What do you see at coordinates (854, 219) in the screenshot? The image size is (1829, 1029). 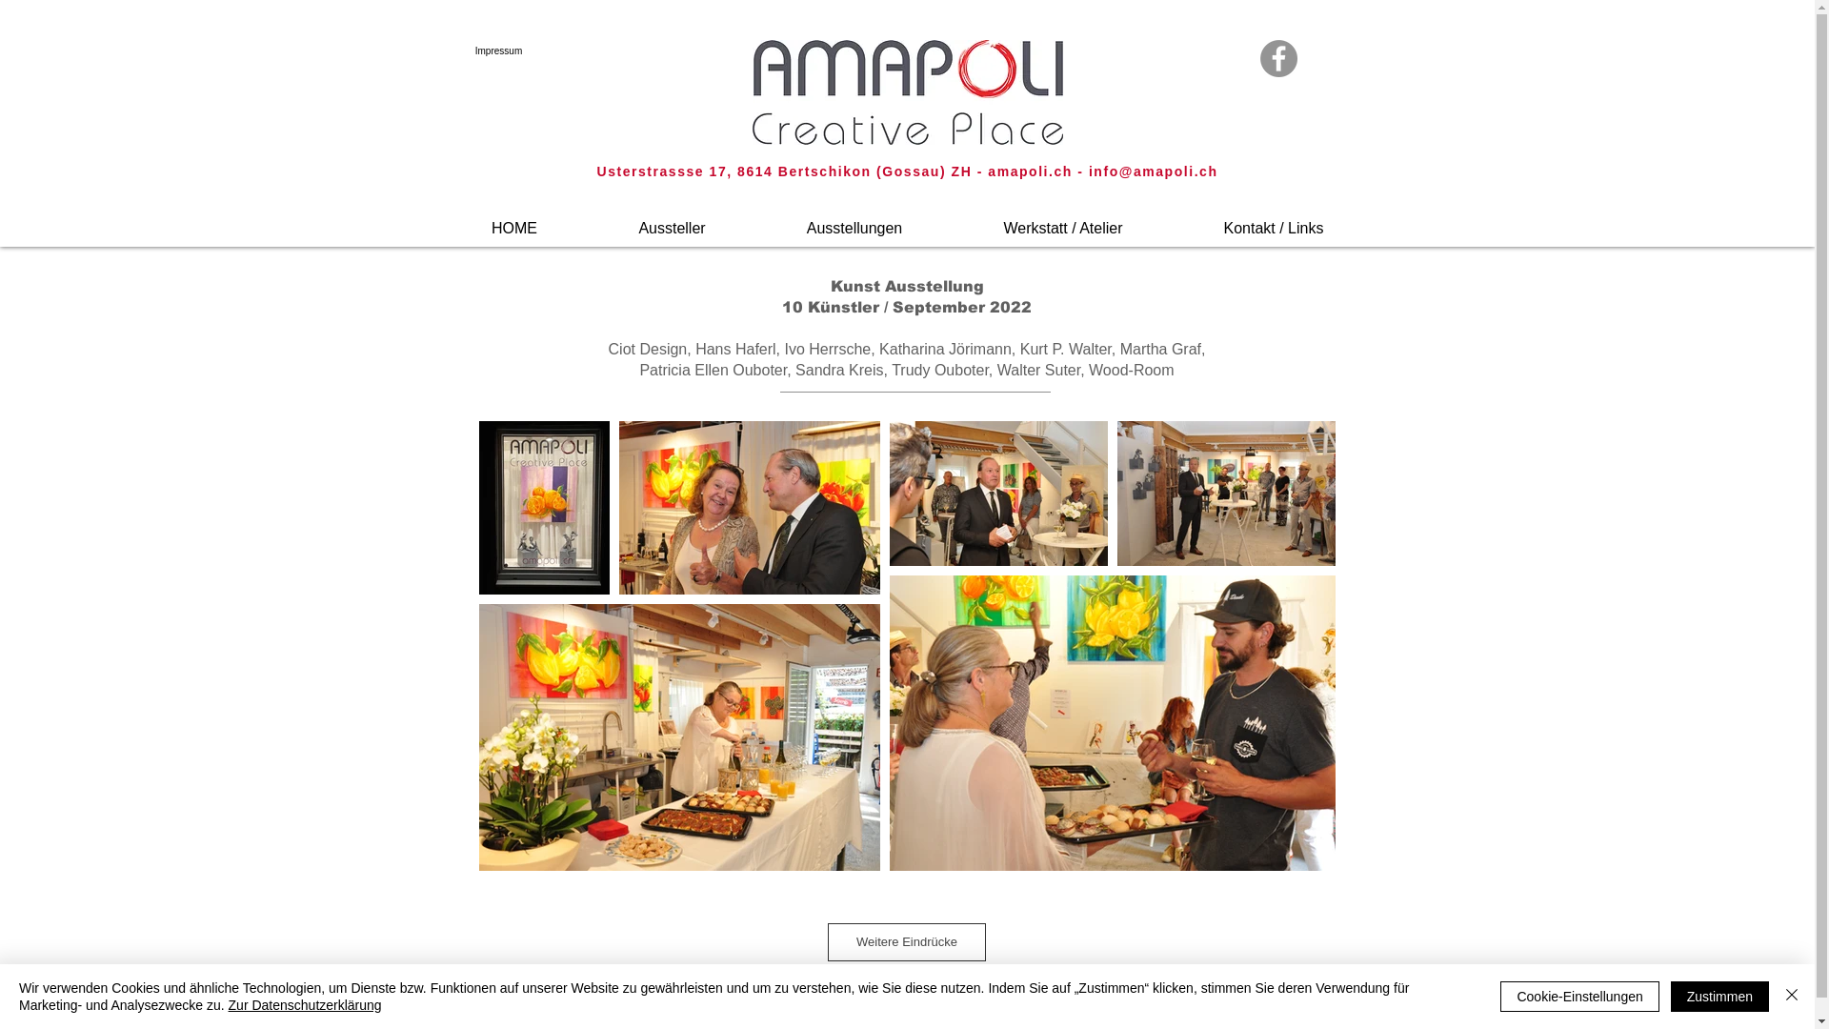 I see `'Ausstellungen'` at bounding box center [854, 219].